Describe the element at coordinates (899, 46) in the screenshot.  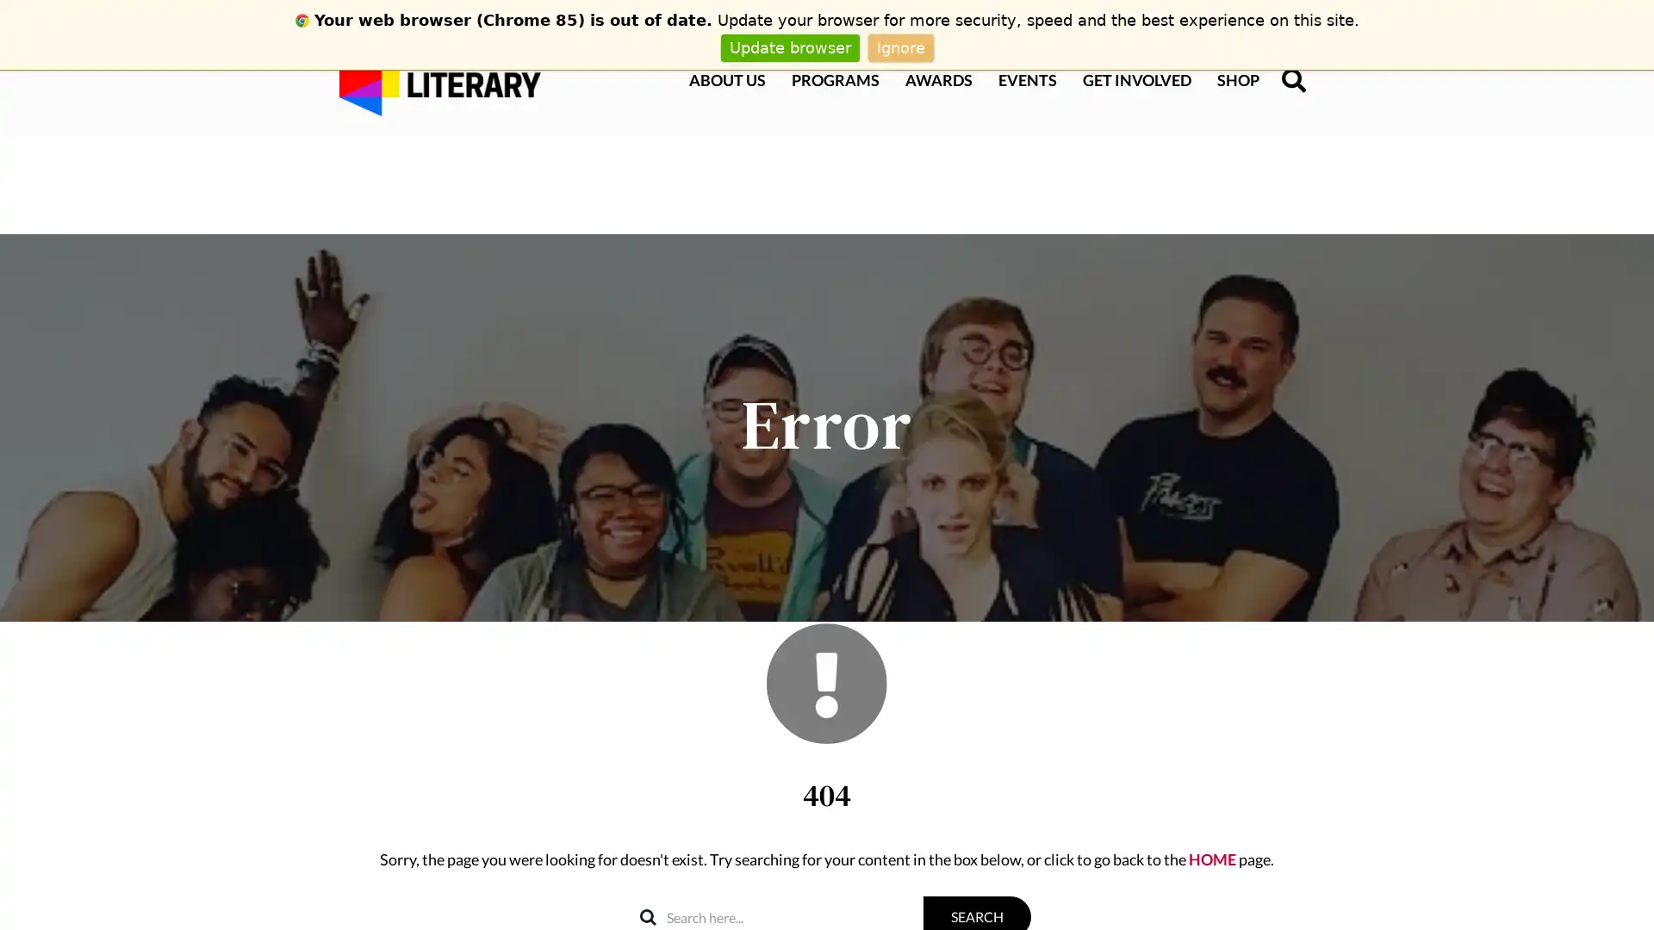
I see `Ignore` at that location.